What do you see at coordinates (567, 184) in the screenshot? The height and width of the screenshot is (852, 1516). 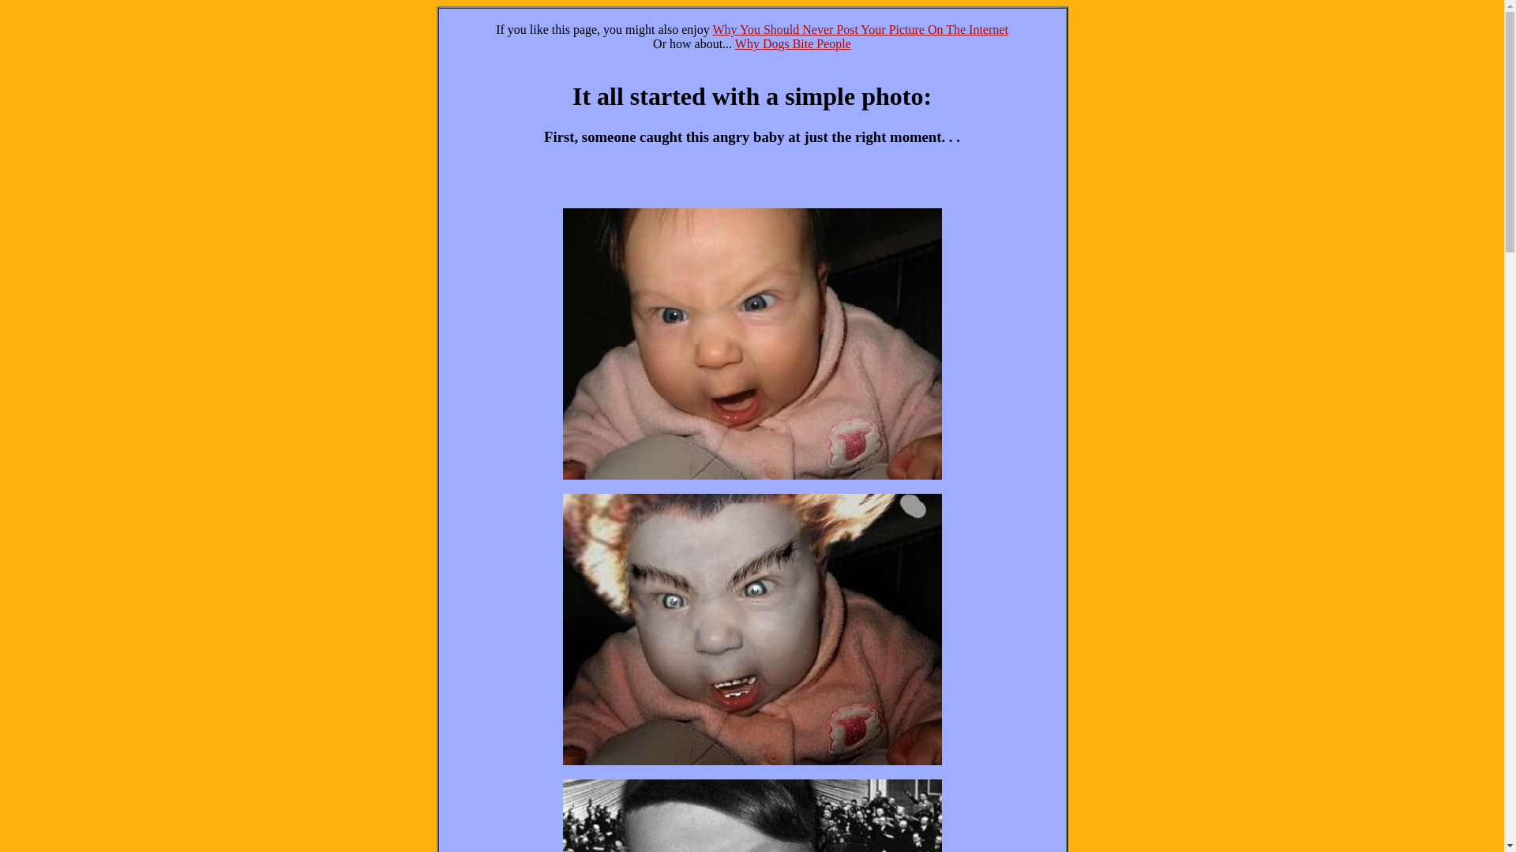 I see `'Advertisement'` at bounding box center [567, 184].